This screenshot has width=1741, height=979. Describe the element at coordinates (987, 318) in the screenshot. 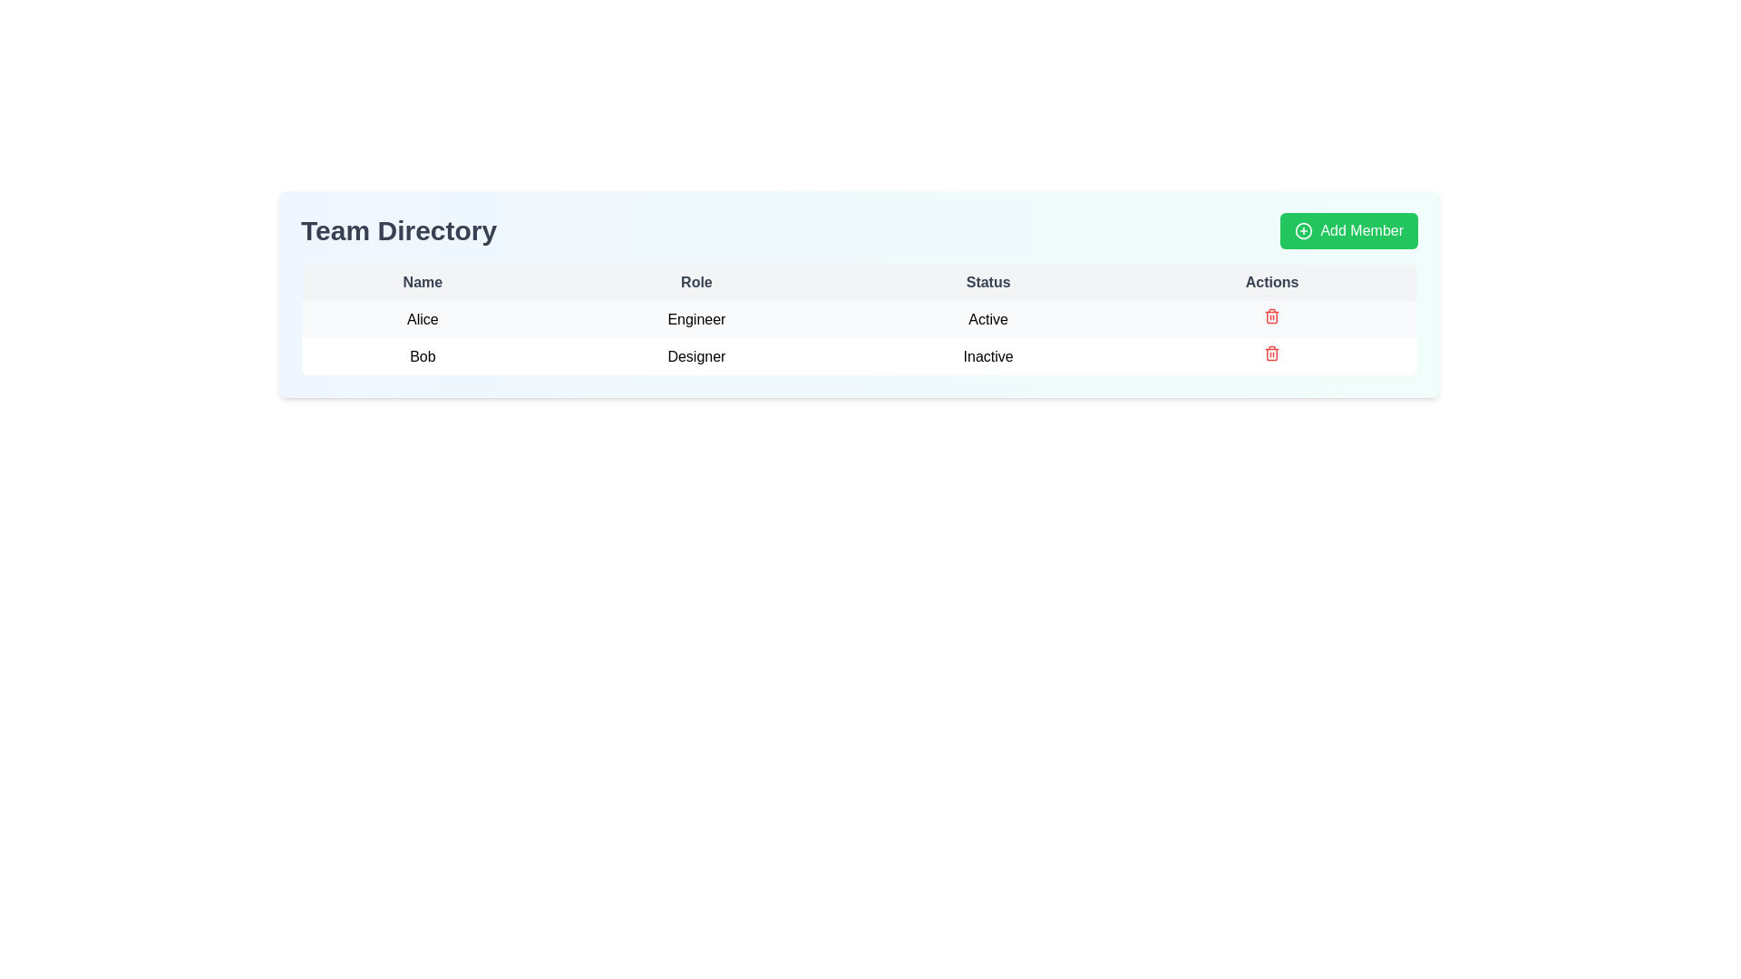

I see `the 'Active' text label located under the 'Status' column in the 'Team Directory' table` at that location.